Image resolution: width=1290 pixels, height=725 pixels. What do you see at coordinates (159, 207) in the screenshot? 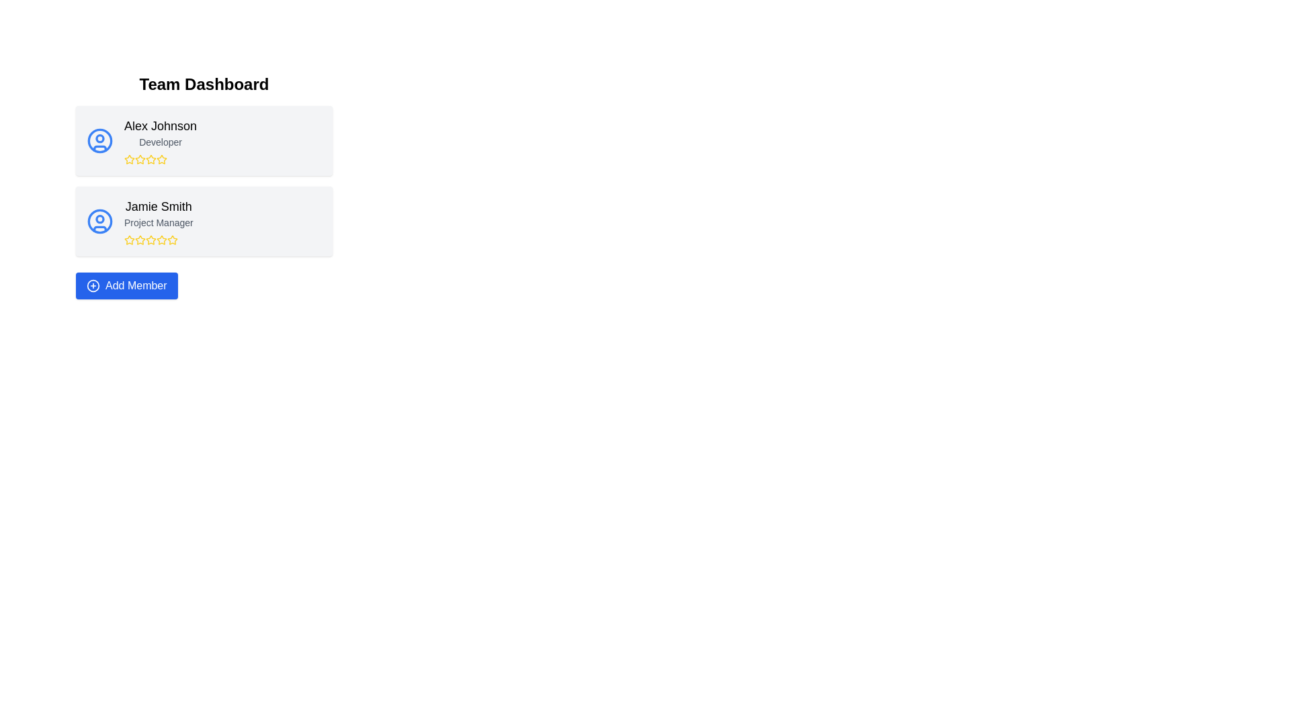
I see `the 'Jamie Smith' text label element, which is styled with a larger font size and bold formatting, located in the second card under 'Team Dashboard', above the smaller 'Project Manager' text` at bounding box center [159, 207].